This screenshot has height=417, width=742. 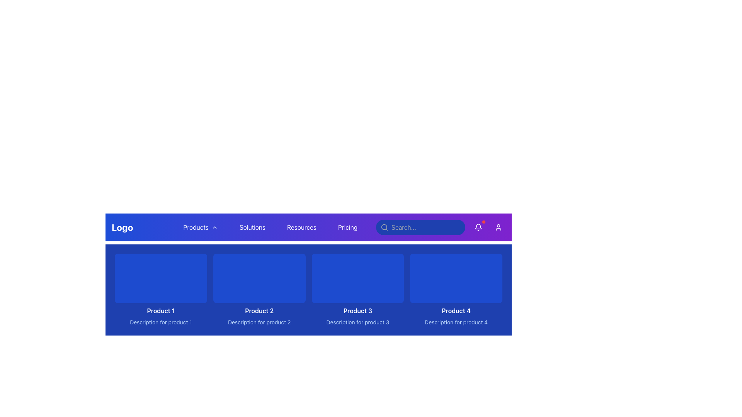 I want to click on the product title text label that identifies the product in the grid, positioned in the second column between a blue rectangle above and a smaller text label below, so click(x=259, y=310).